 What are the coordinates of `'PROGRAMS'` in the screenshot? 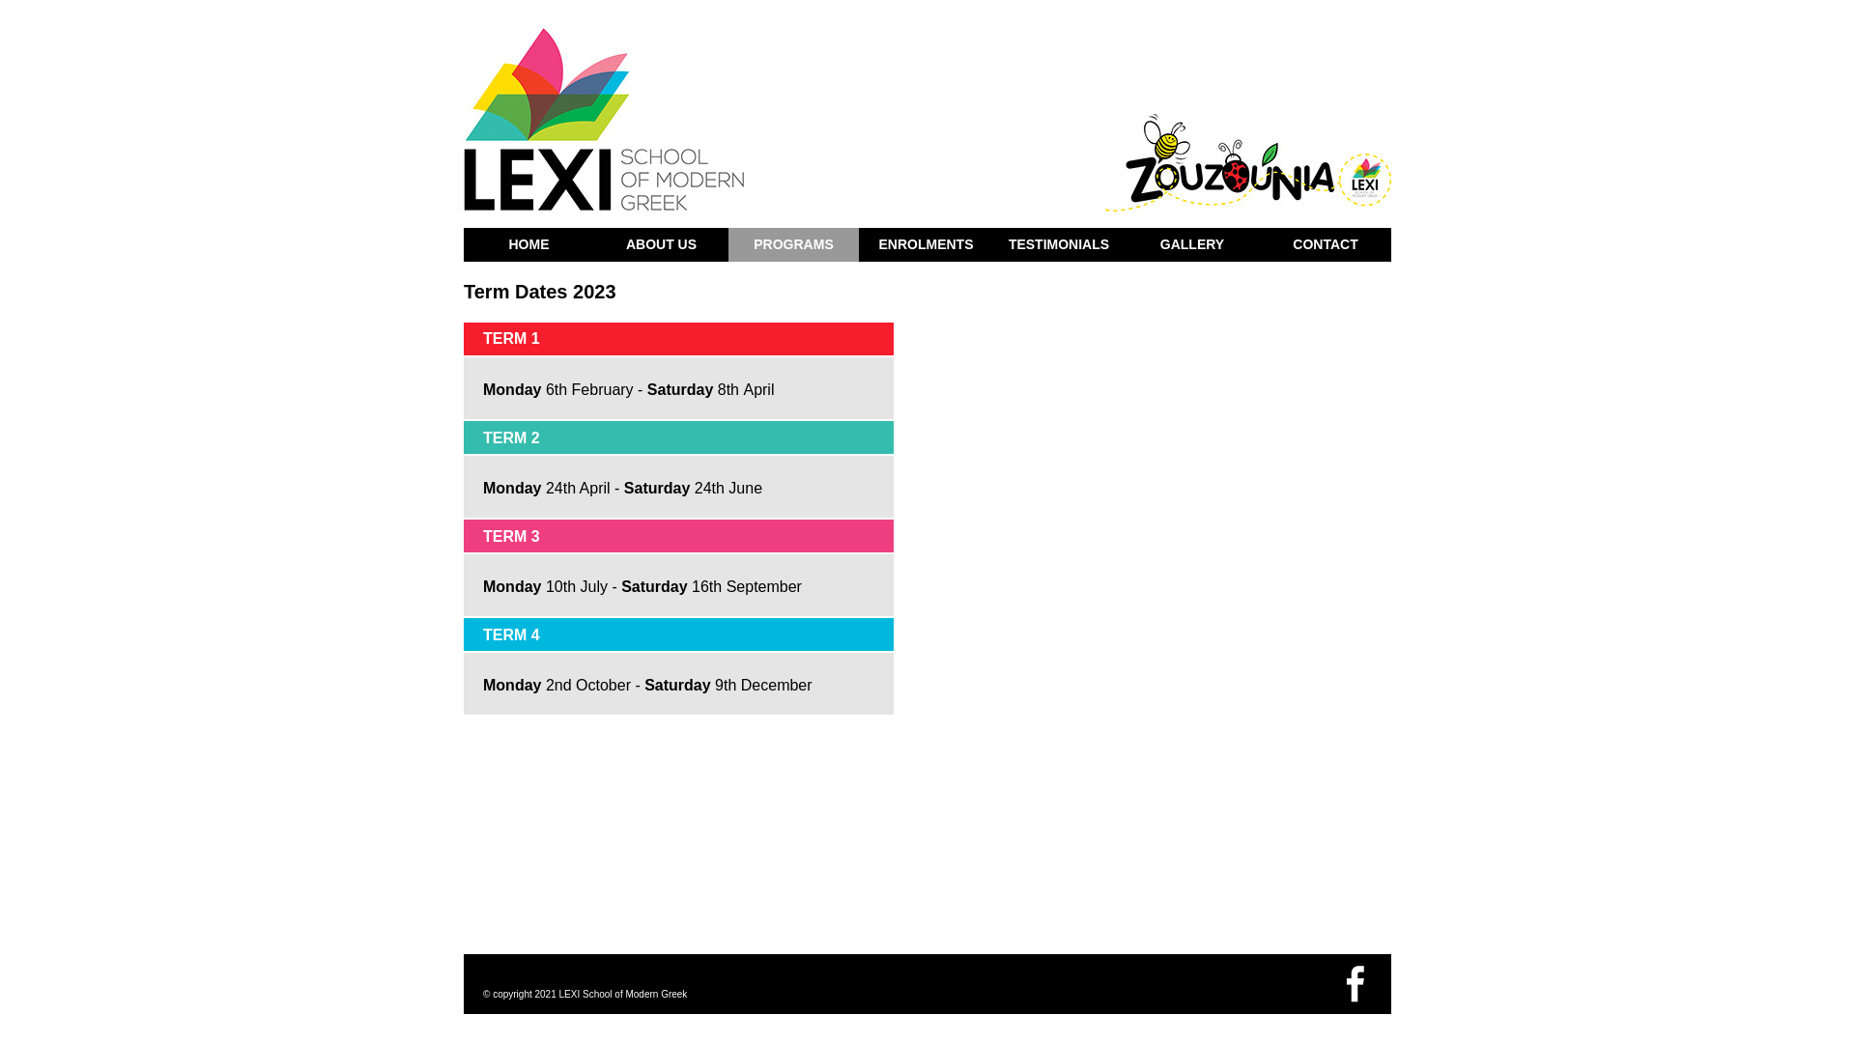 It's located at (793, 243).